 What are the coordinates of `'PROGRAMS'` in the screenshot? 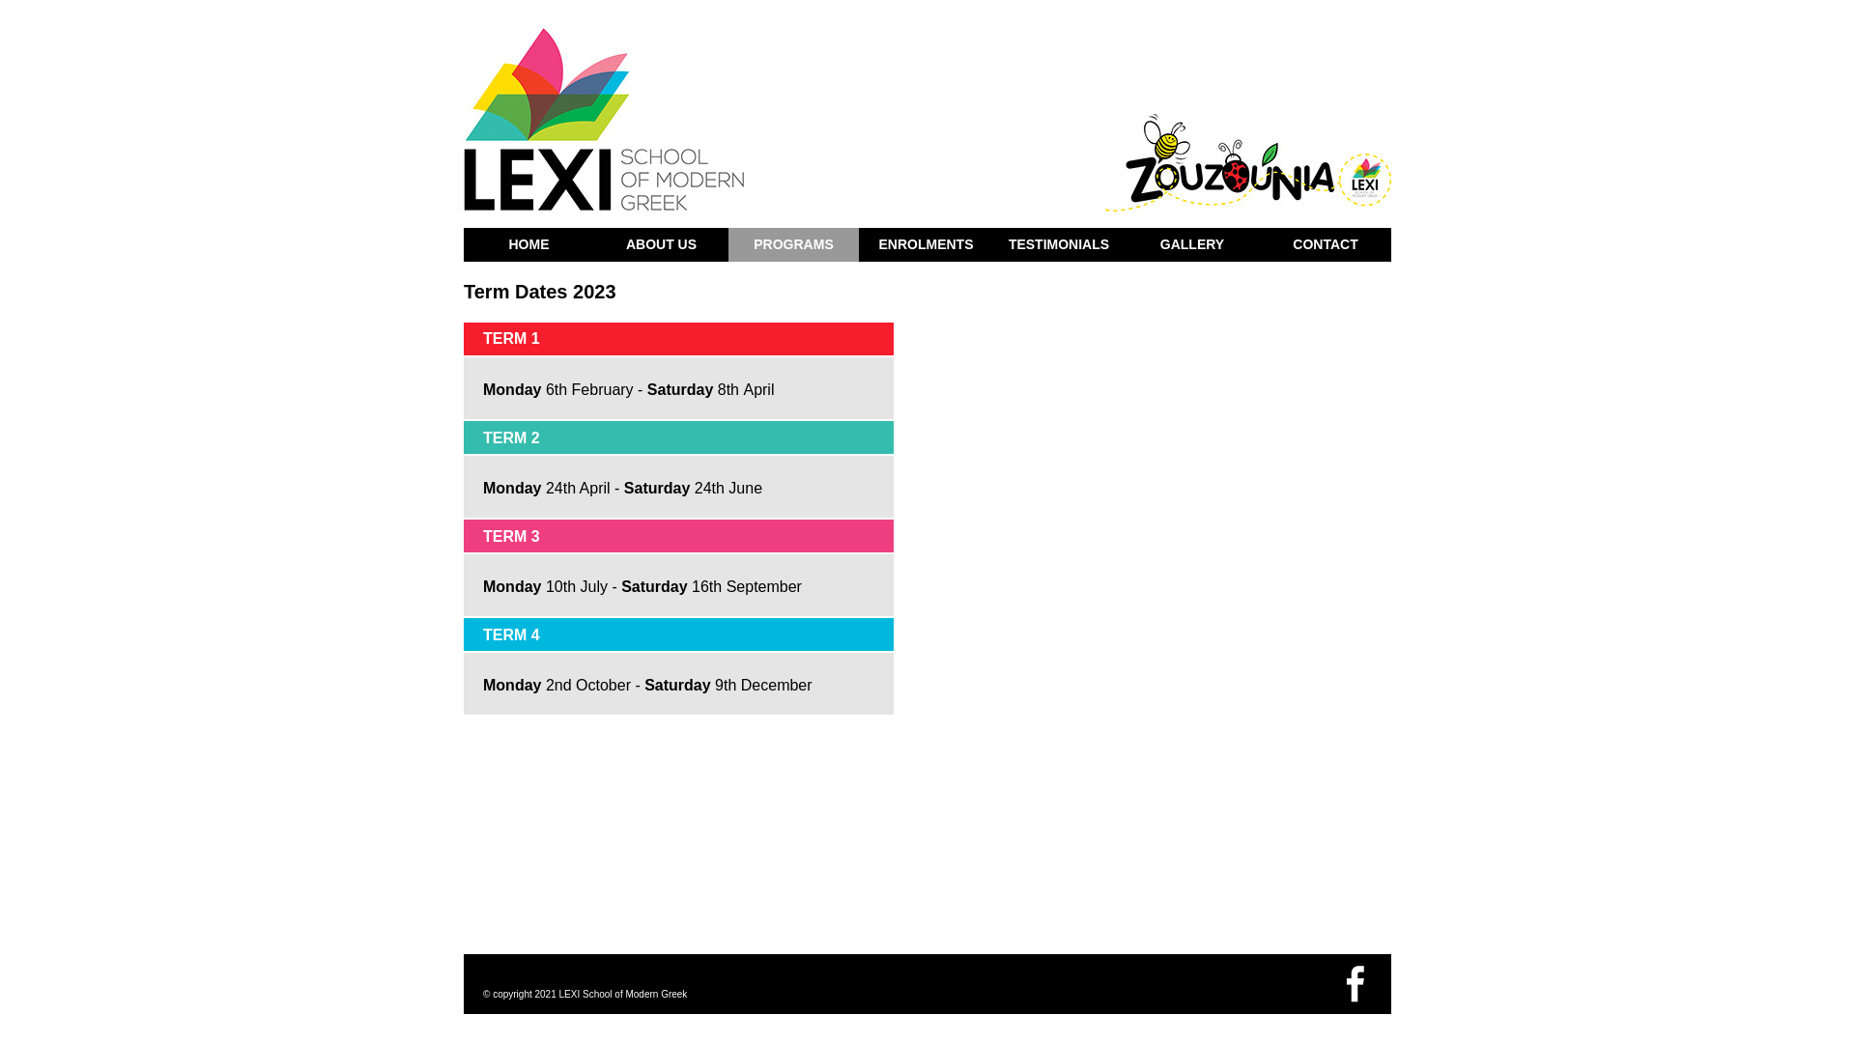 It's located at (793, 243).